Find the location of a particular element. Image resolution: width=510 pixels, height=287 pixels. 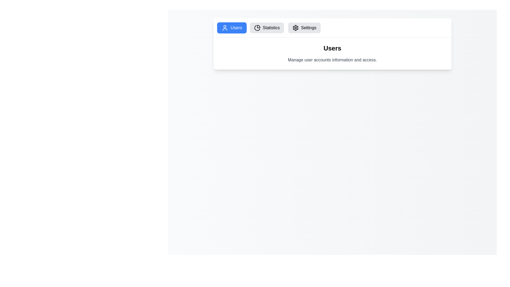

the 'Users' icon located within the 'Users' button, which is the first in a horizontal row of navigation options at the top-left section of the interface is located at coordinates (225, 28).